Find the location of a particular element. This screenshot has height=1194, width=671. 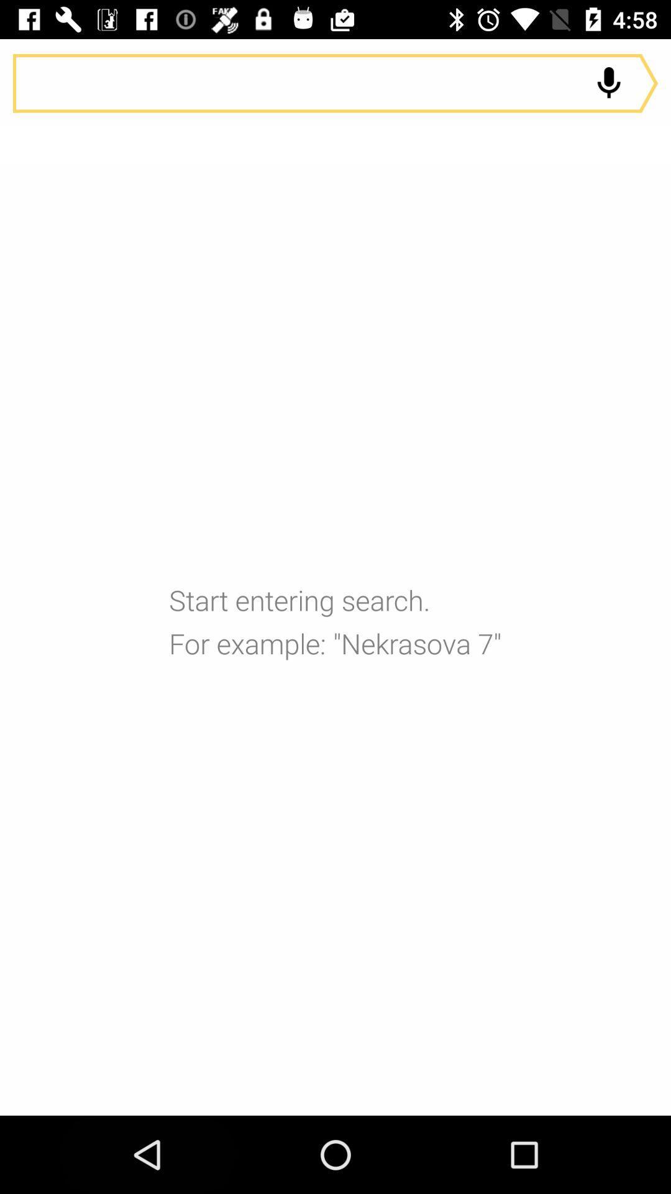

the microphone icon is located at coordinates (608, 83).